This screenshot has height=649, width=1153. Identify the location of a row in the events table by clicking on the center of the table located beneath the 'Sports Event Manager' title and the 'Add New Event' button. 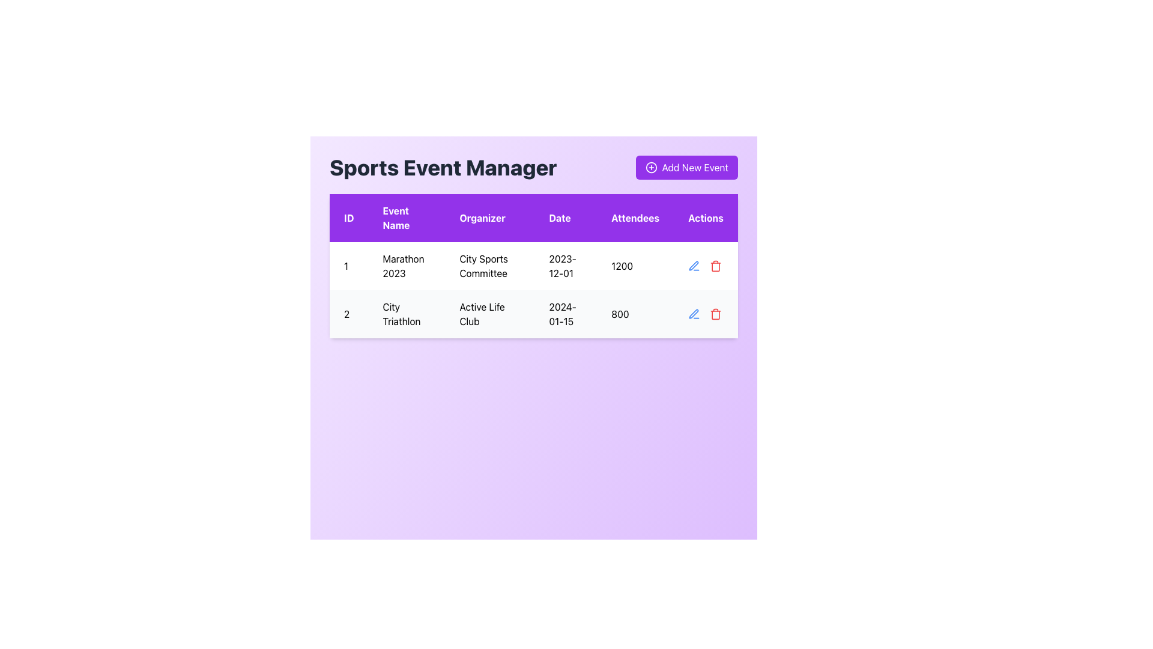
(533, 266).